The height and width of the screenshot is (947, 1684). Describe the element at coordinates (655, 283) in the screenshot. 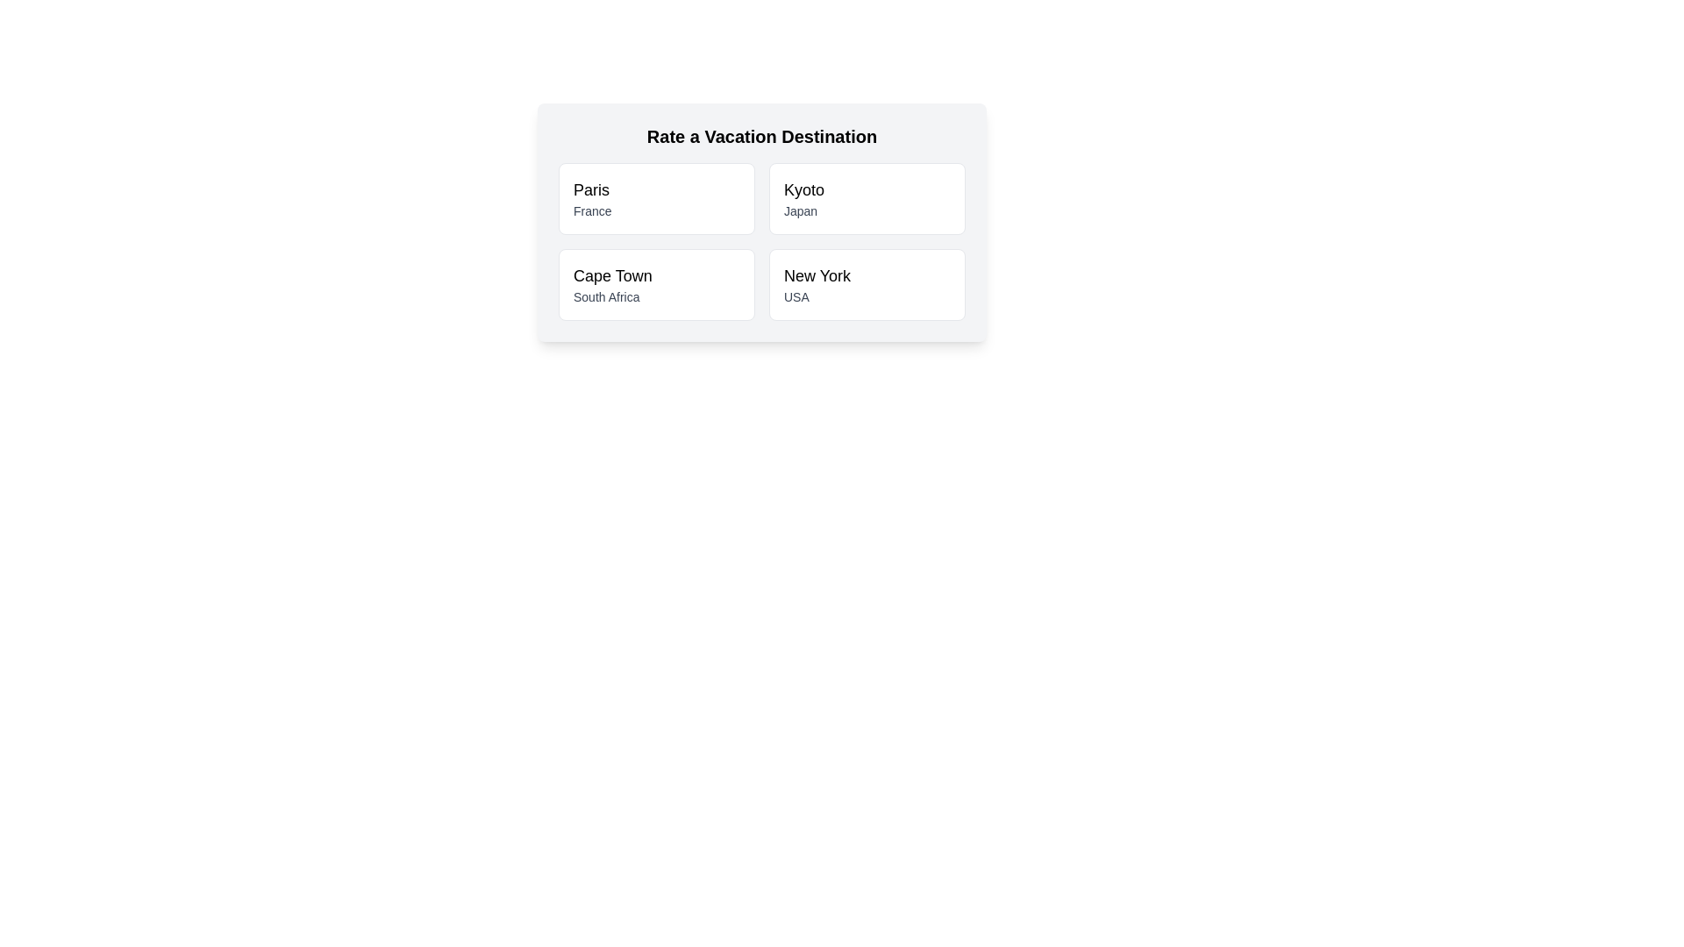

I see `on the interactive card for 'Cape Town', which features the city name in bold and the country name in grey` at that location.